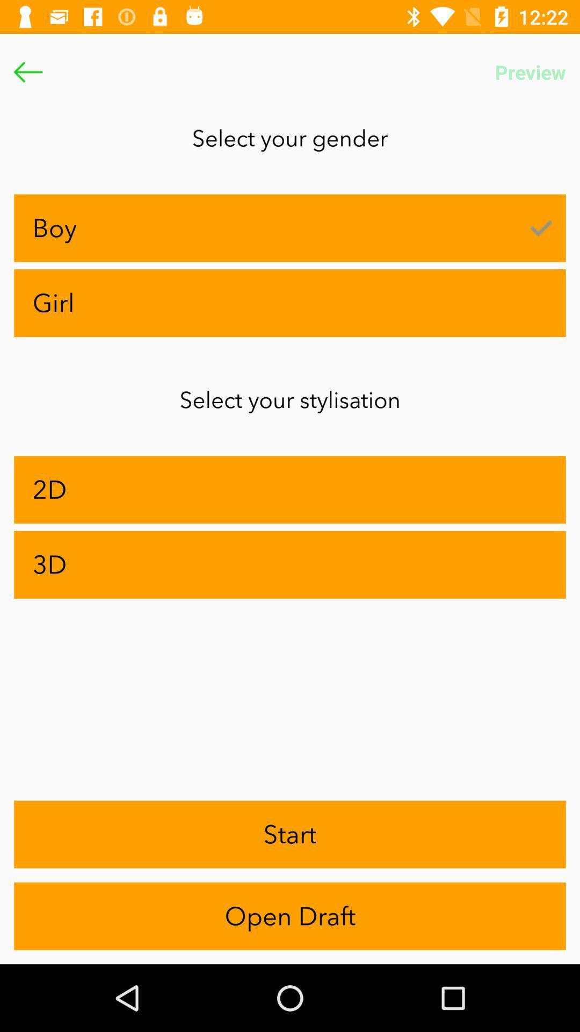 Image resolution: width=580 pixels, height=1032 pixels. What do you see at coordinates (290, 915) in the screenshot?
I see `app below start item` at bounding box center [290, 915].